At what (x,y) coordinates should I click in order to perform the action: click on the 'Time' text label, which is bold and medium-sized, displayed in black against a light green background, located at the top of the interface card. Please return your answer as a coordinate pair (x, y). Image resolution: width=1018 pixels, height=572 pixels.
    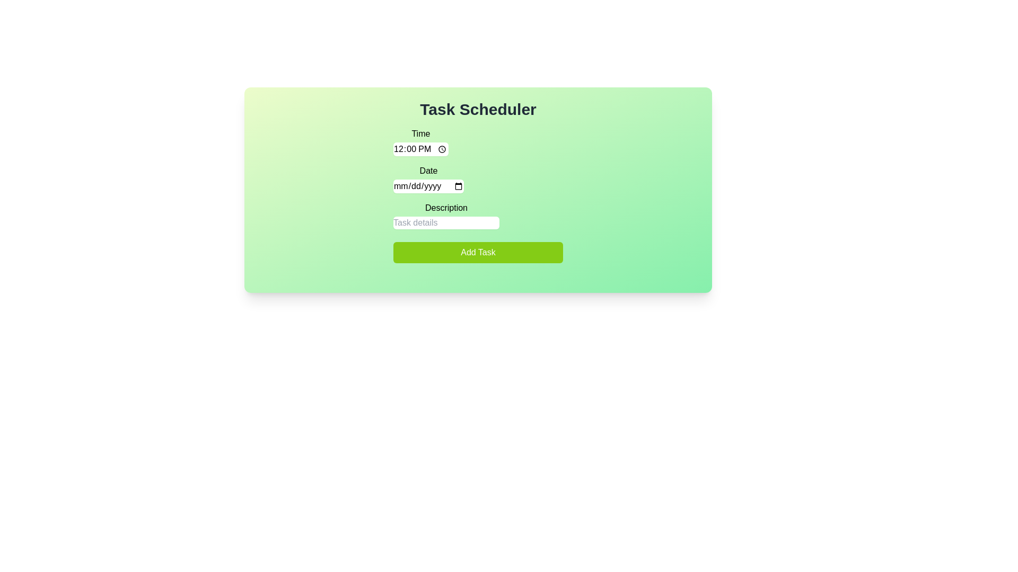
    Looking at the image, I should click on (420, 133).